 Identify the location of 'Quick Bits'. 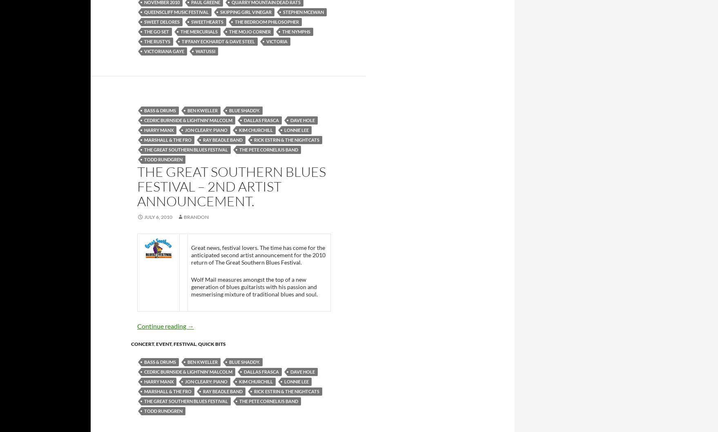
(211, 343).